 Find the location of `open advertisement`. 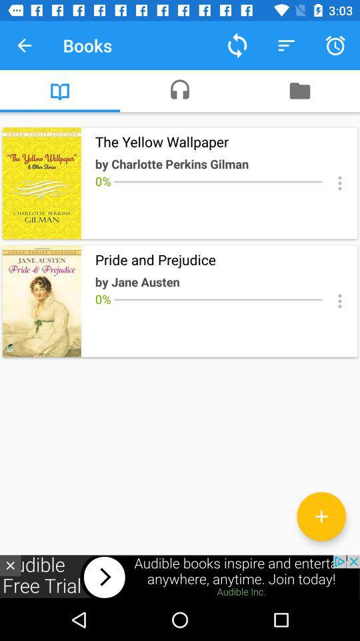

open advertisement is located at coordinates (180, 576).